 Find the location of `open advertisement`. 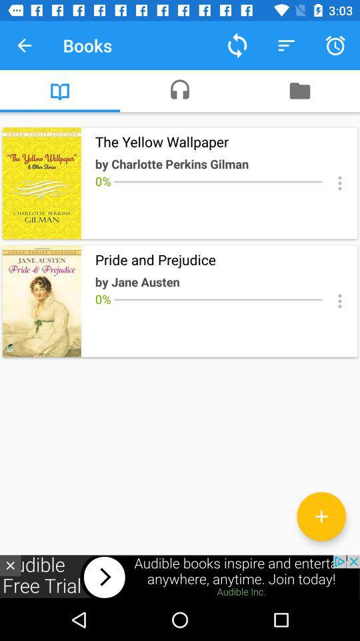

open advertisement is located at coordinates (180, 576).